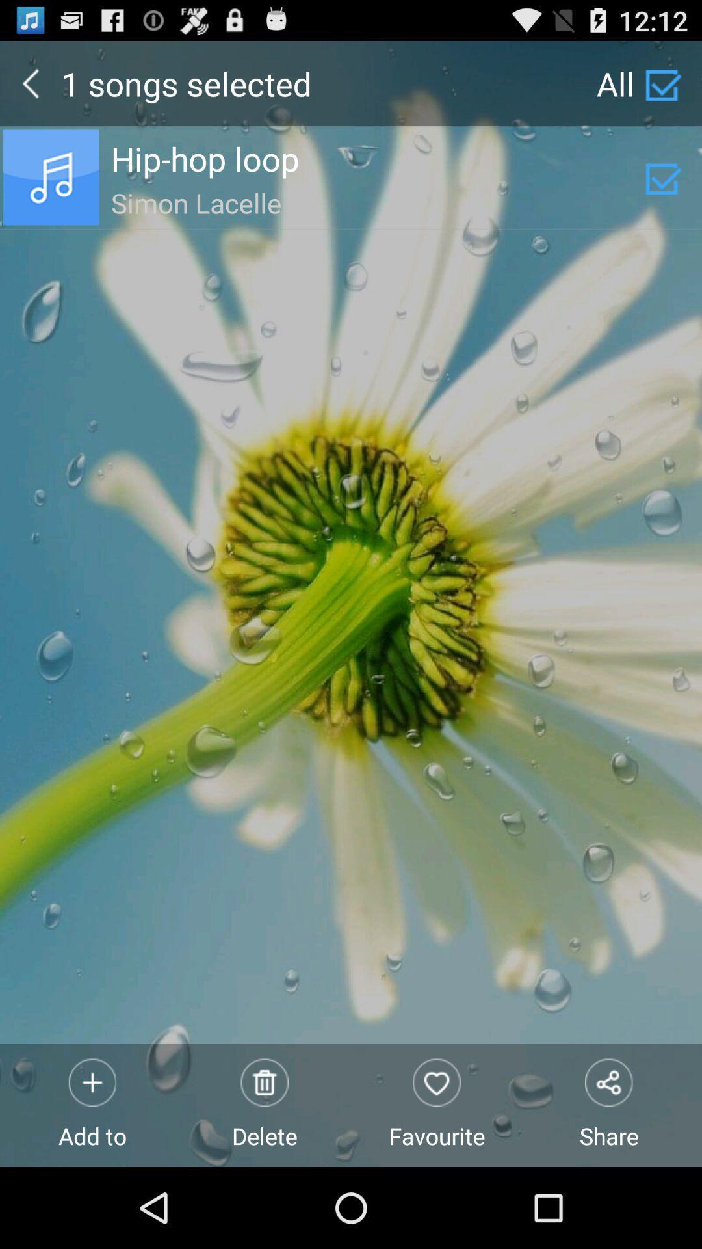  I want to click on share, so click(609, 1105).